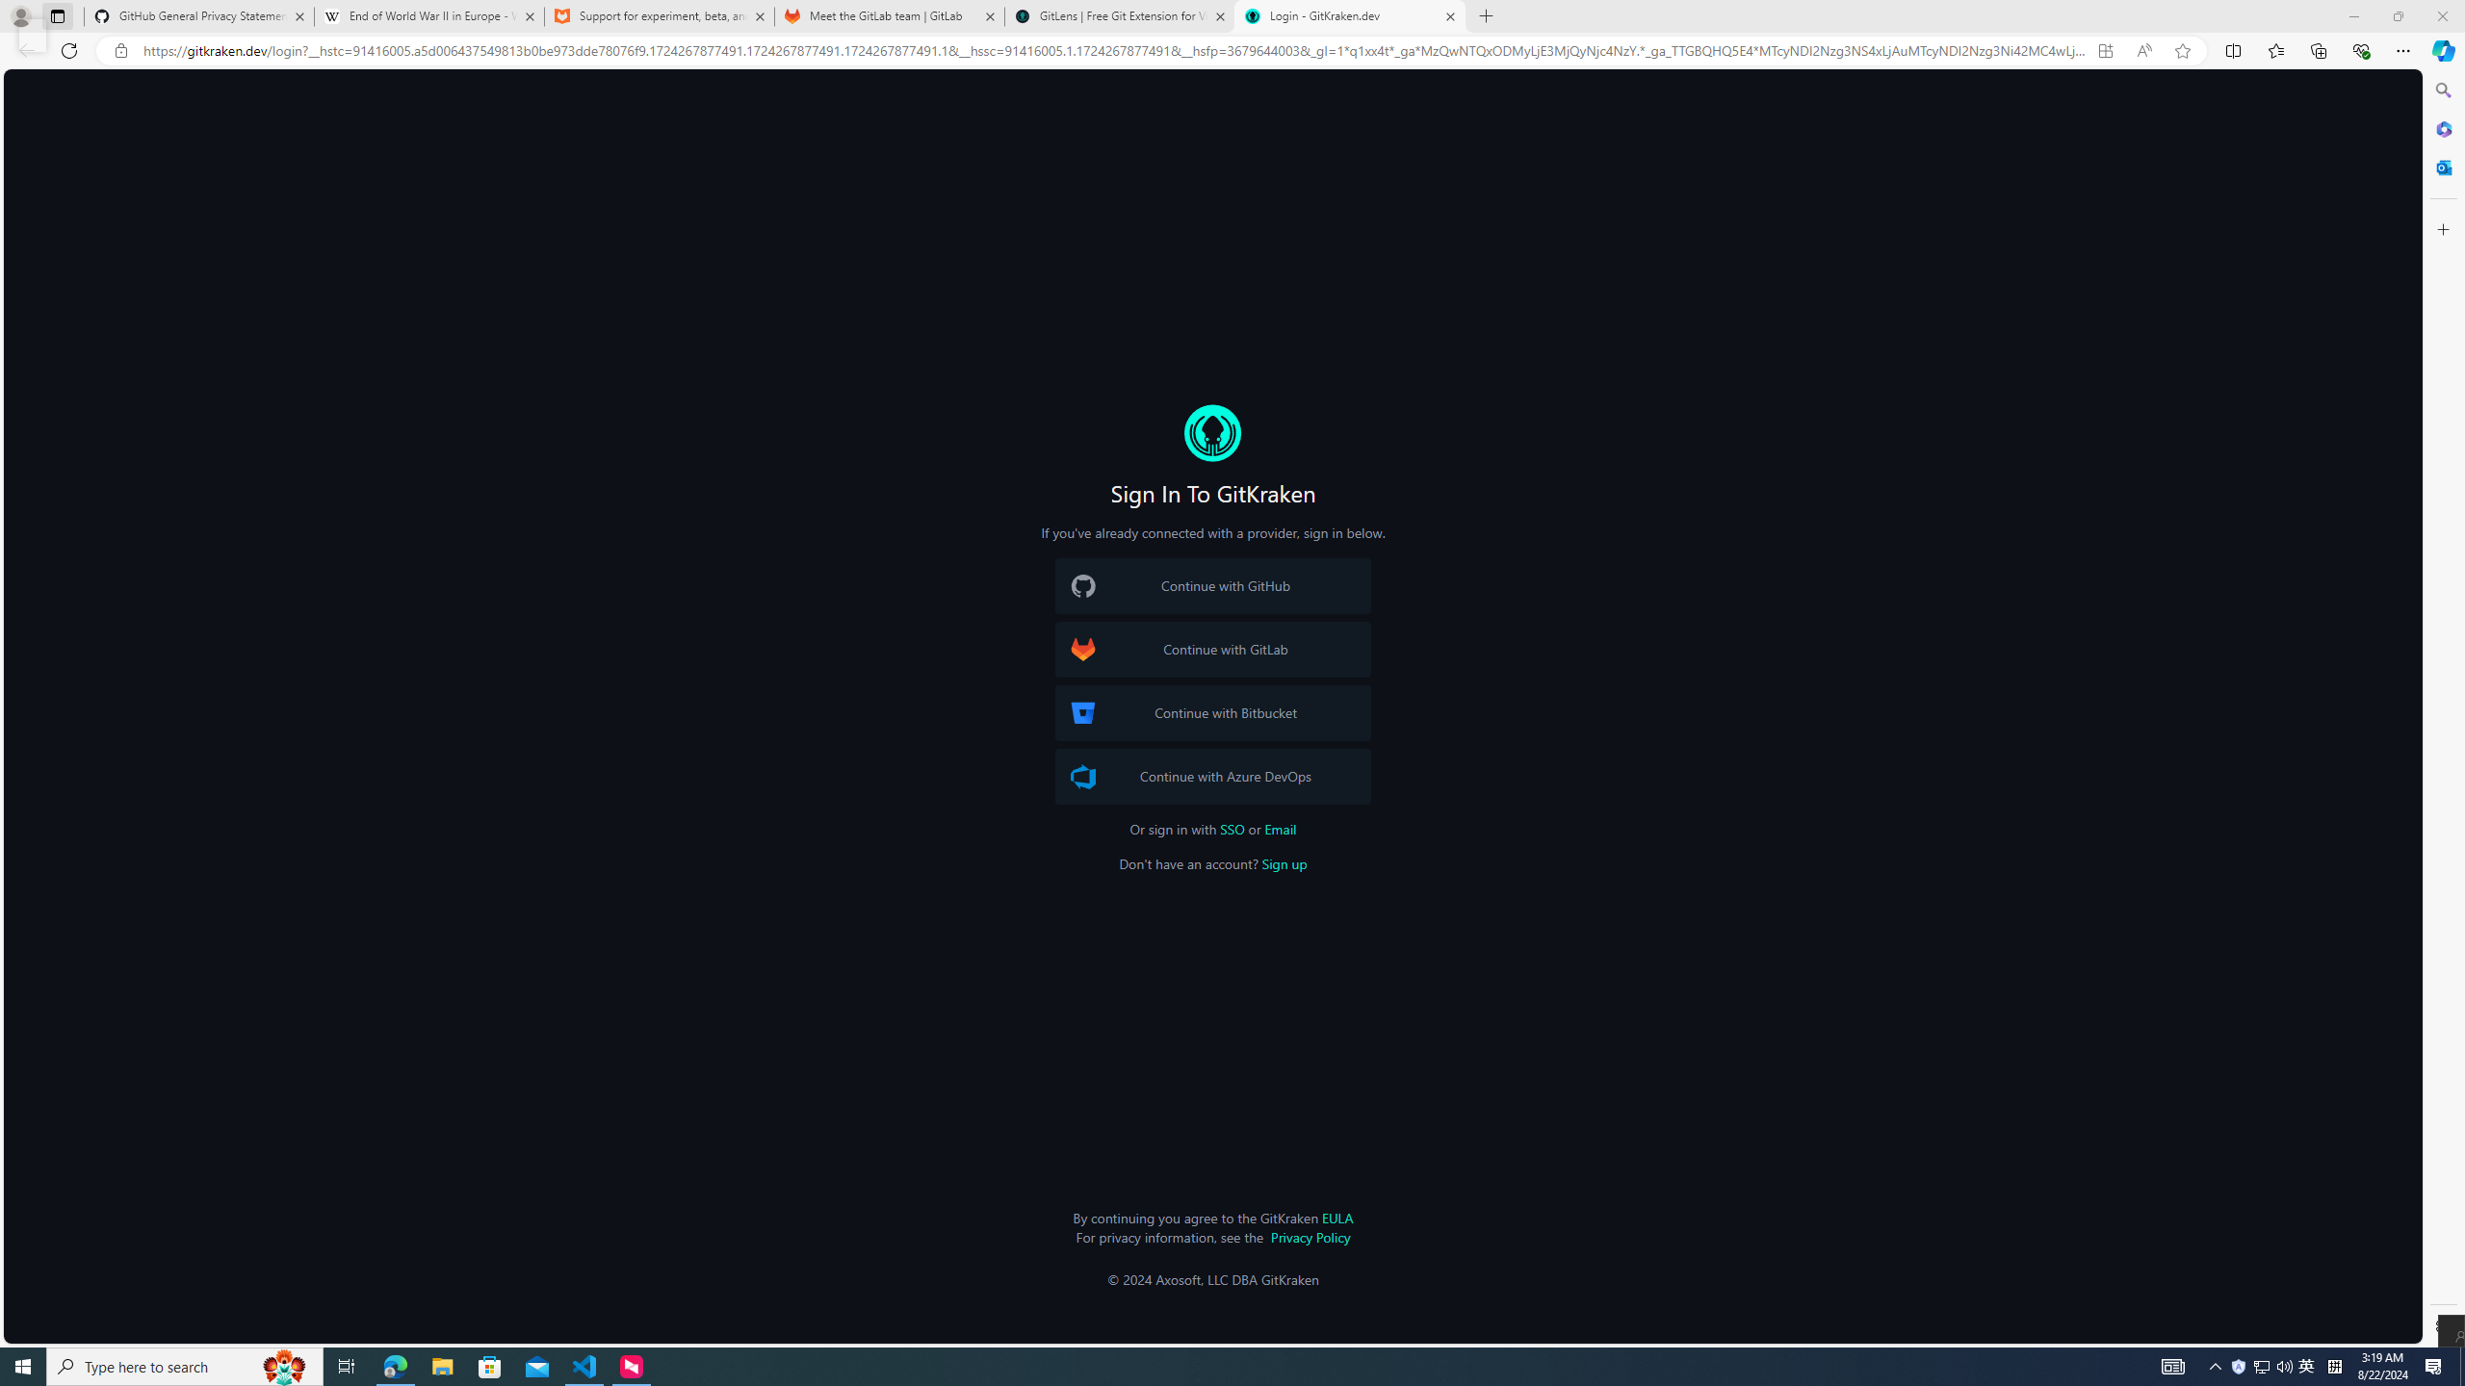 Image resolution: width=2465 pixels, height=1386 pixels. Describe the element at coordinates (1232, 829) in the screenshot. I see `'SSO'` at that location.